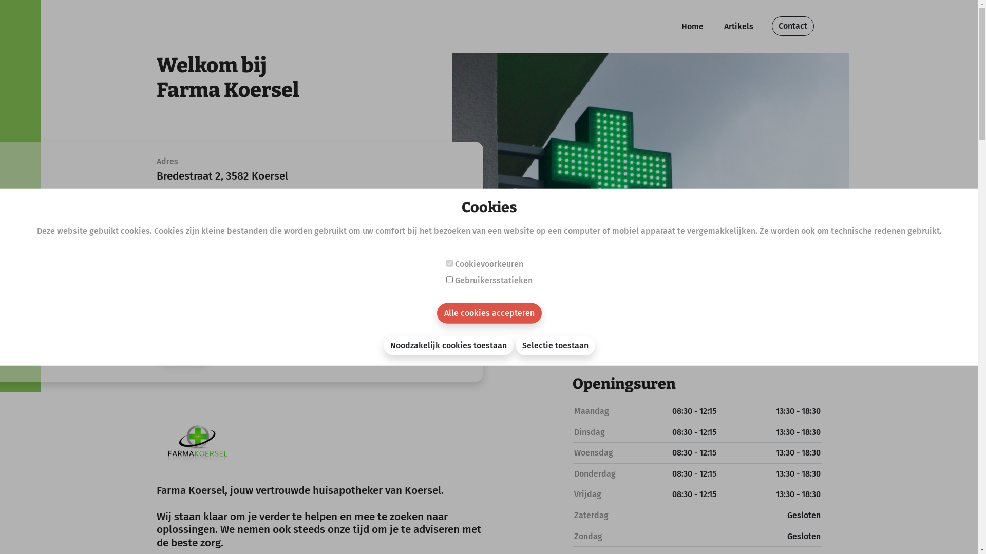 Image resolution: width=986 pixels, height=554 pixels. I want to click on 'Noodzakelijk cookies toestaan', so click(448, 345).